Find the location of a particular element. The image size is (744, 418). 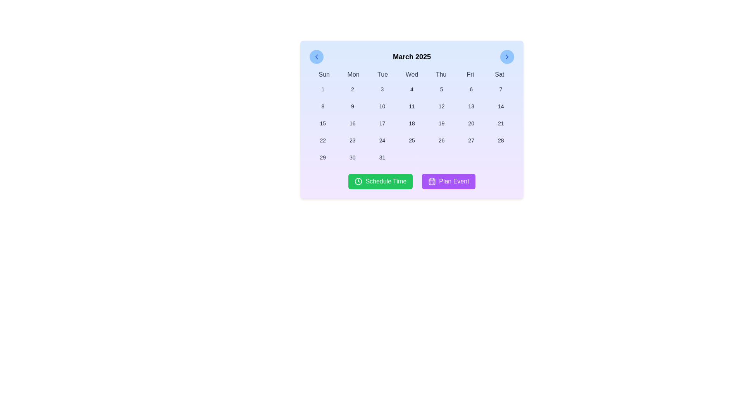

the Decorative component within the purple calendar icon, which is a rounded rectangle located in the bottom section of the calendar icon, next to the 'Plan Event' button is located at coordinates (432, 182).